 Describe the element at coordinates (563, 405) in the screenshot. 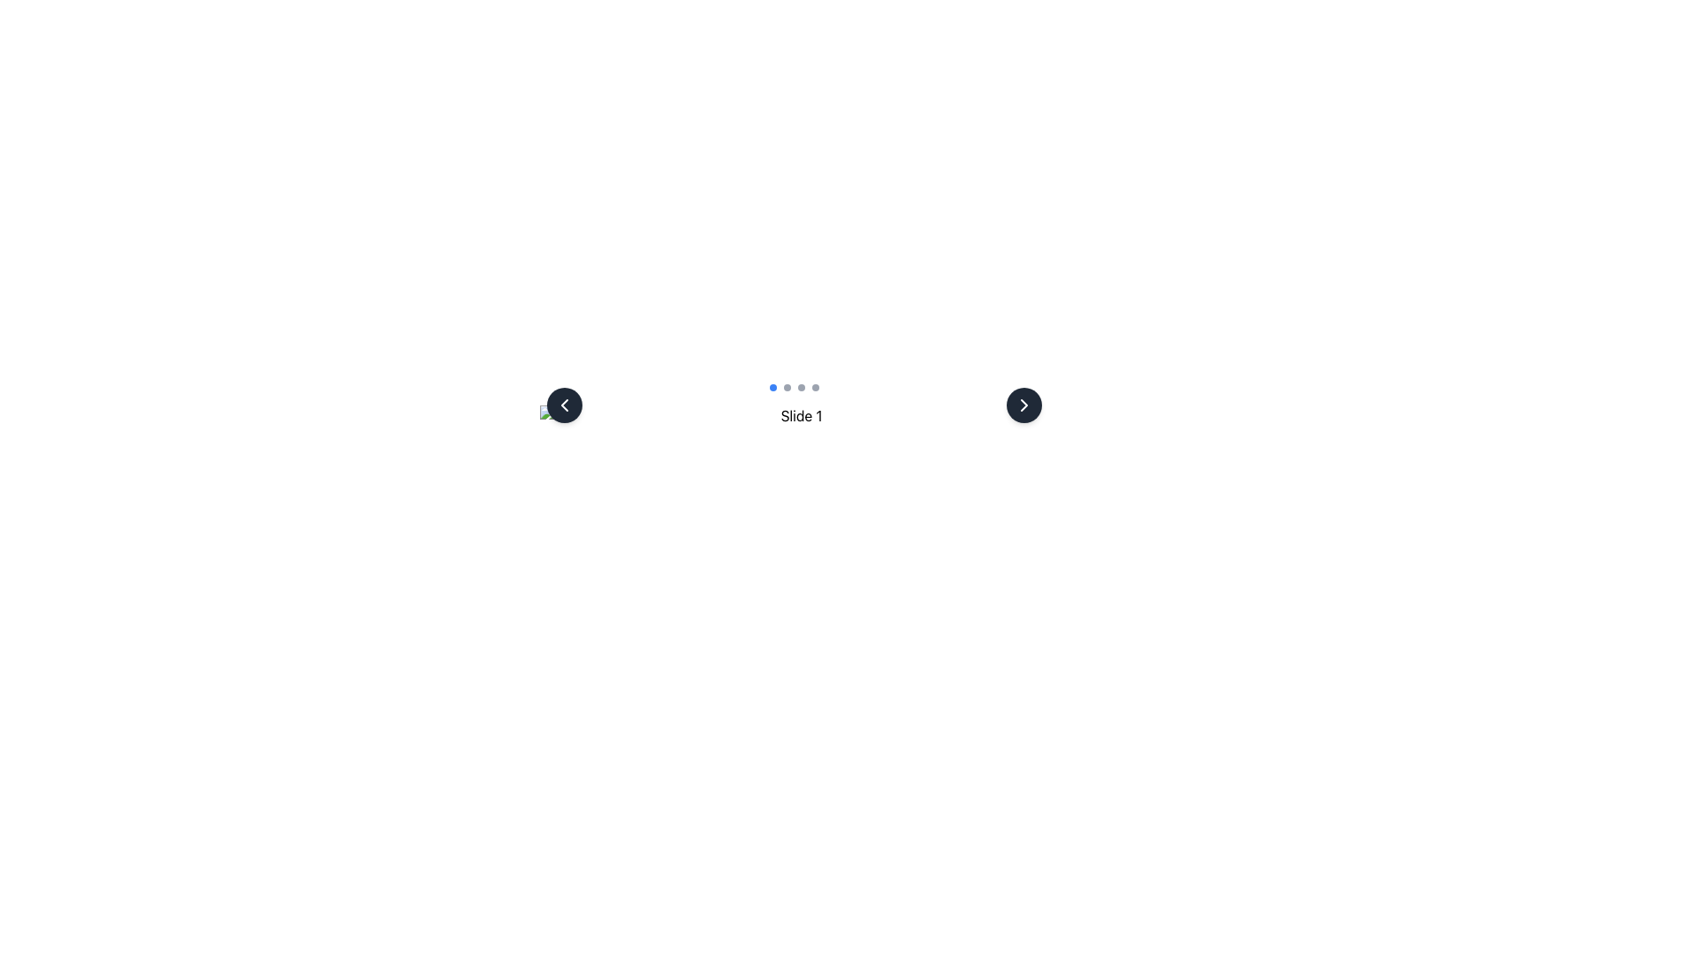

I see `the chevron arrow icon located in the leftmost circular button of the carousel` at that location.